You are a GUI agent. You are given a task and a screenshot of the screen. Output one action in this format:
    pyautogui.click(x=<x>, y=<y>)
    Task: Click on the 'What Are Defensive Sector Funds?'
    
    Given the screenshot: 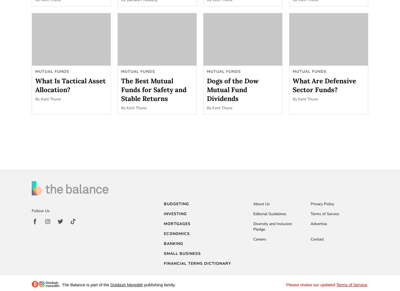 What is the action you would take?
    pyautogui.click(x=292, y=85)
    